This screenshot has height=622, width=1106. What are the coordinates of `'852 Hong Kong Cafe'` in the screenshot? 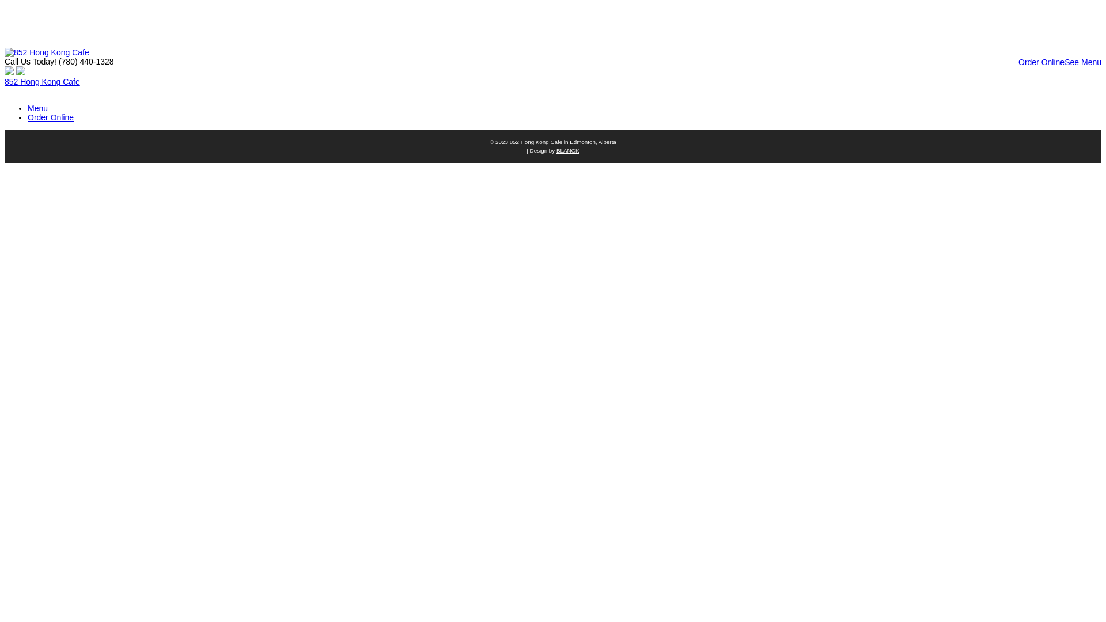 It's located at (42, 81).